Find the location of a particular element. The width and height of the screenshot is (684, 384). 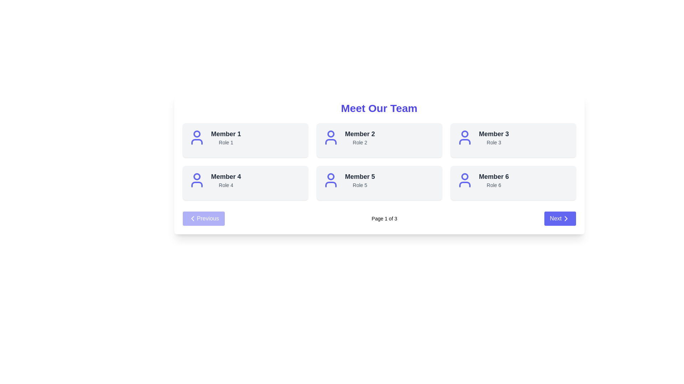

the profile head icon within the circular silhouette of 'Member 2' in the first row, second column is located at coordinates (330, 134).